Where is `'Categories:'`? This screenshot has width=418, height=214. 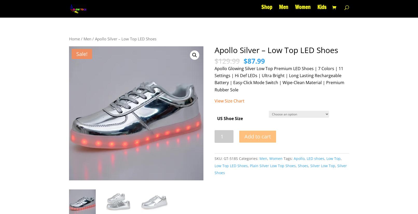 'Categories:' is located at coordinates (249, 158).